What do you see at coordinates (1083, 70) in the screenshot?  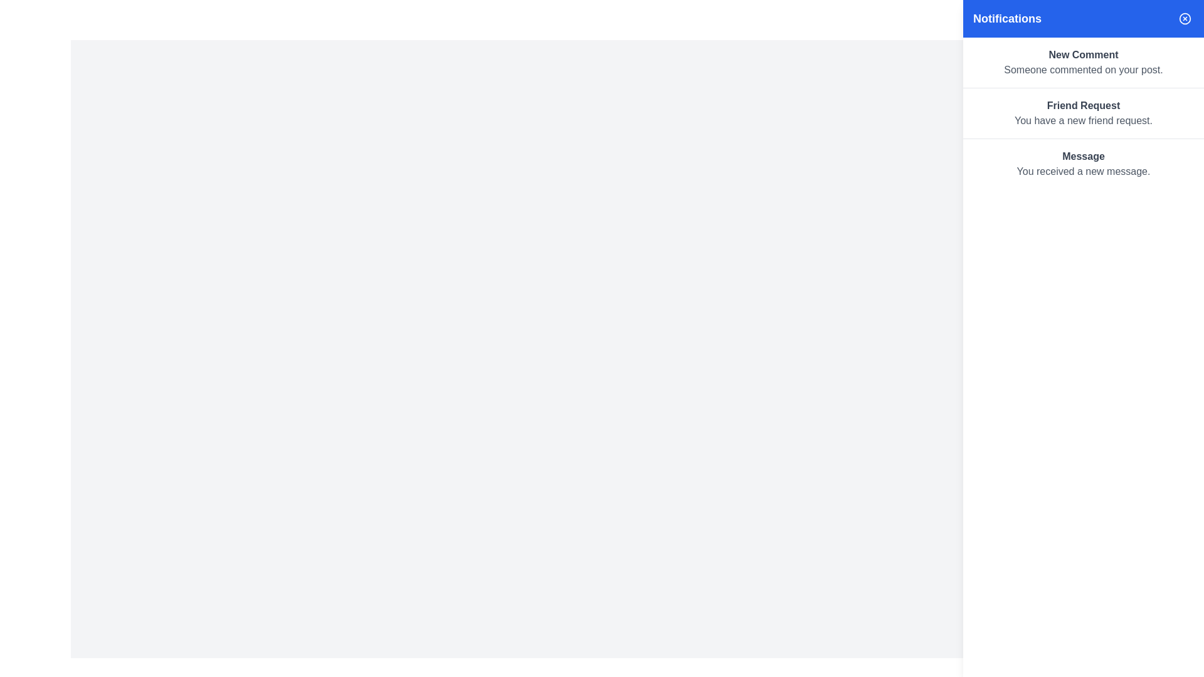 I see `the text label that reads 'Someone commented on your post.' which is displayed in a smaller gray font below the bolded text 'New Comment.'` at bounding box center [1083, 70].